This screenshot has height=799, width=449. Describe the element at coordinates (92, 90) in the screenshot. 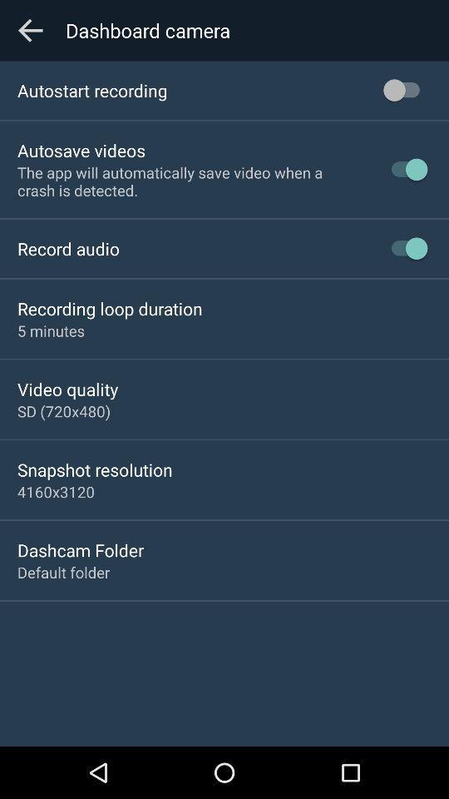

I see `autostart recording icon` at that location.